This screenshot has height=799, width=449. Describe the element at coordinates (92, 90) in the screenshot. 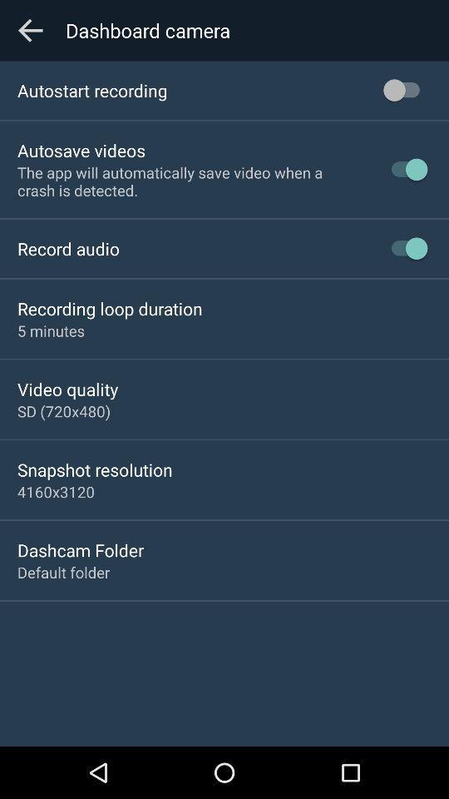

I see `autostart recording icon` at that location.